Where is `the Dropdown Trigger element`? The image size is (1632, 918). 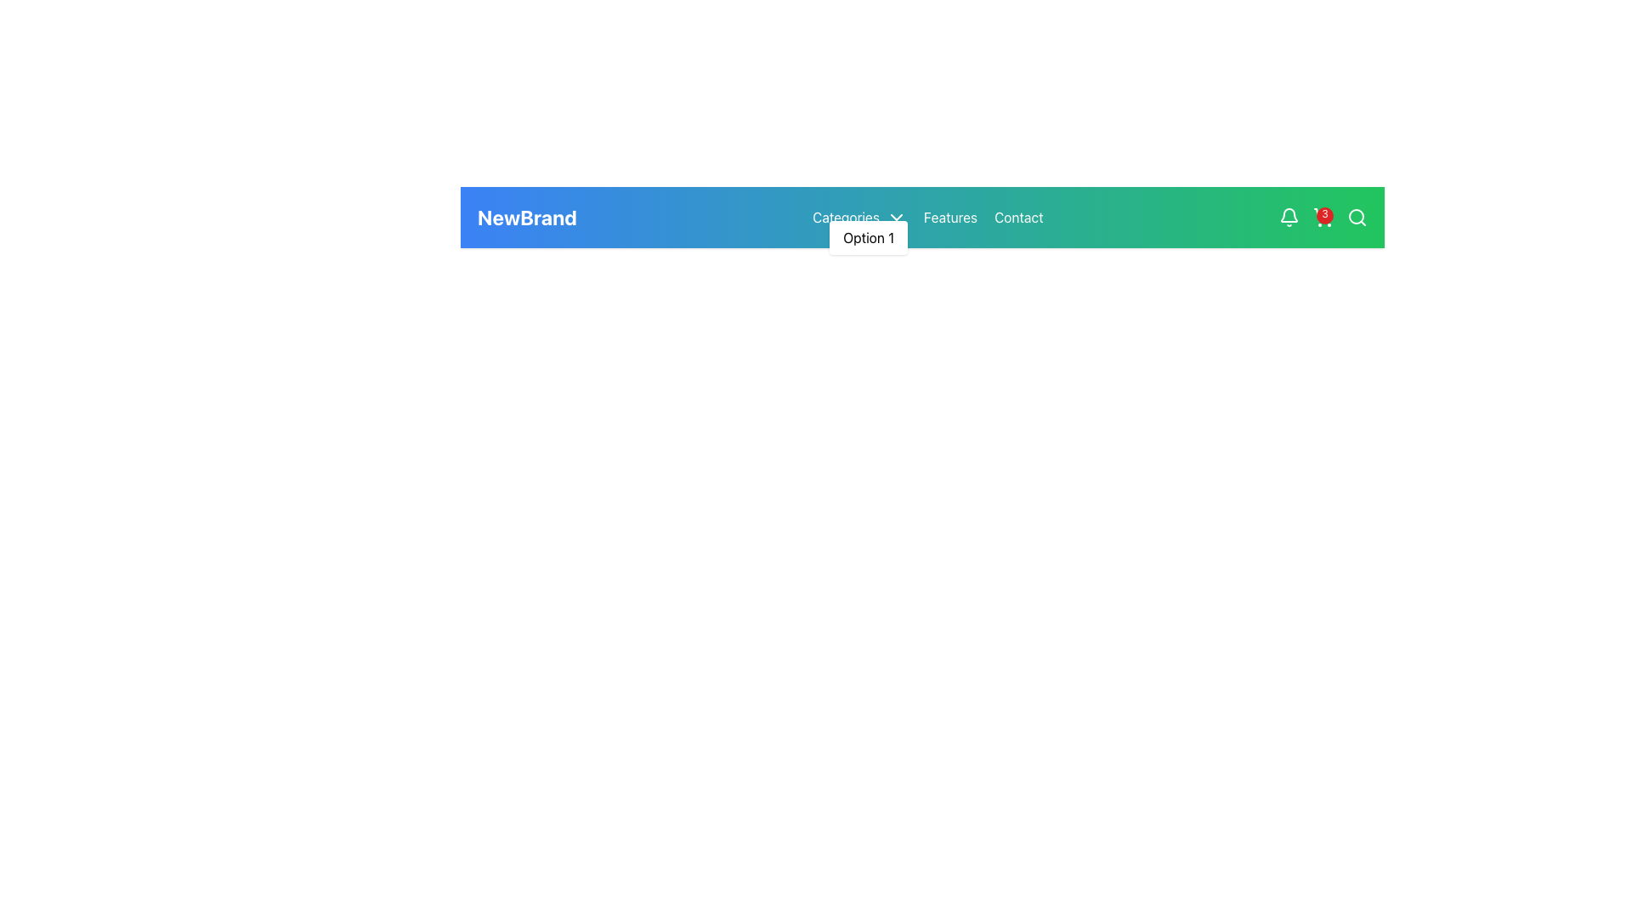 the Dropdown Trigger element is located at coordinates (859, 216).